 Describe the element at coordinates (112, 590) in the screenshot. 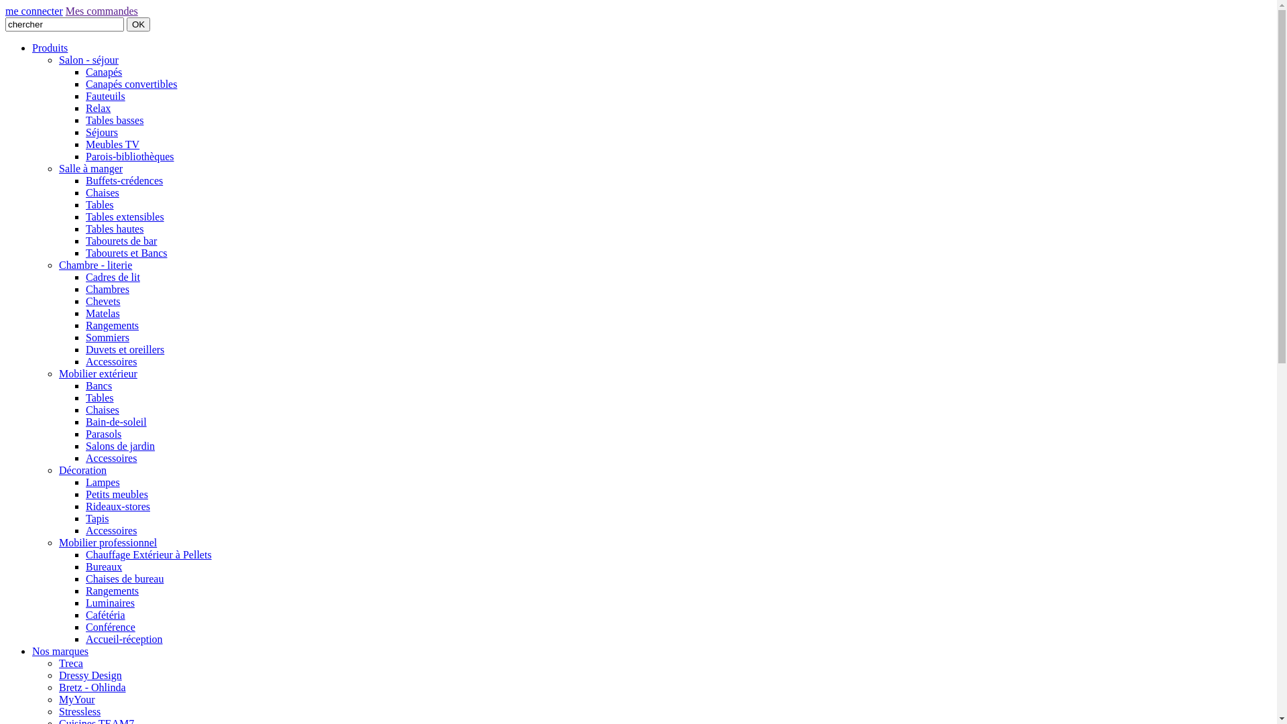

I see `'Rangements'` at that location.